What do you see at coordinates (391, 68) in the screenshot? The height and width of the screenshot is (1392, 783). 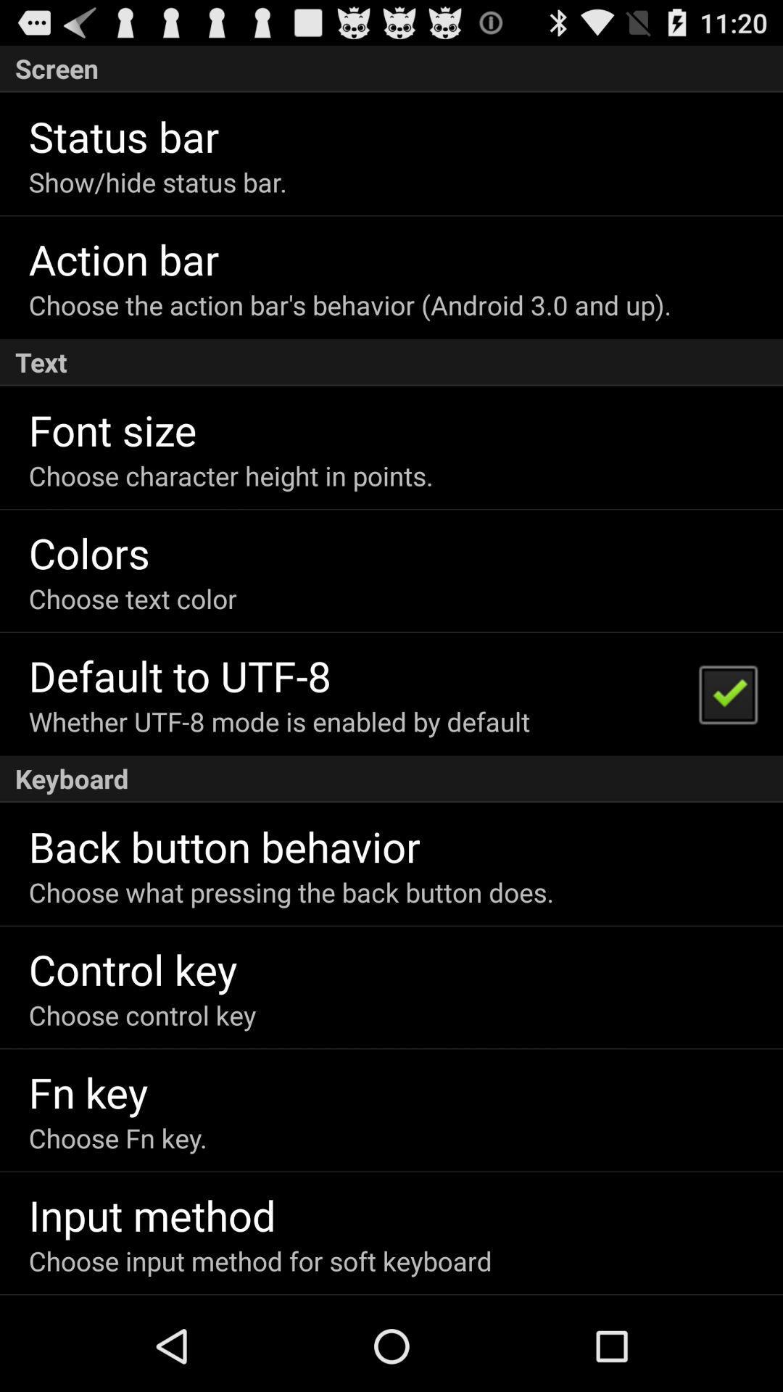 I see `the screen app` at bounding box center [391, 68].